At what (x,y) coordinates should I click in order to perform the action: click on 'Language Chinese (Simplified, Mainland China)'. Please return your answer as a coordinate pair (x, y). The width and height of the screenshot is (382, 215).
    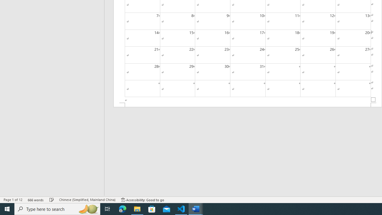
    Looking at the image, I should click on (87, 200).